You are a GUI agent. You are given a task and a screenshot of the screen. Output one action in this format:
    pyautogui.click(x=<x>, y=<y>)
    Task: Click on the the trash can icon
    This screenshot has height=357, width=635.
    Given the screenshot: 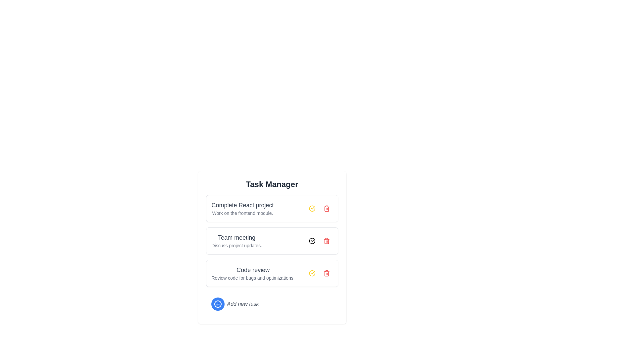 What is the action you would take?
    pyautogui.click(x=326, y=209)
    